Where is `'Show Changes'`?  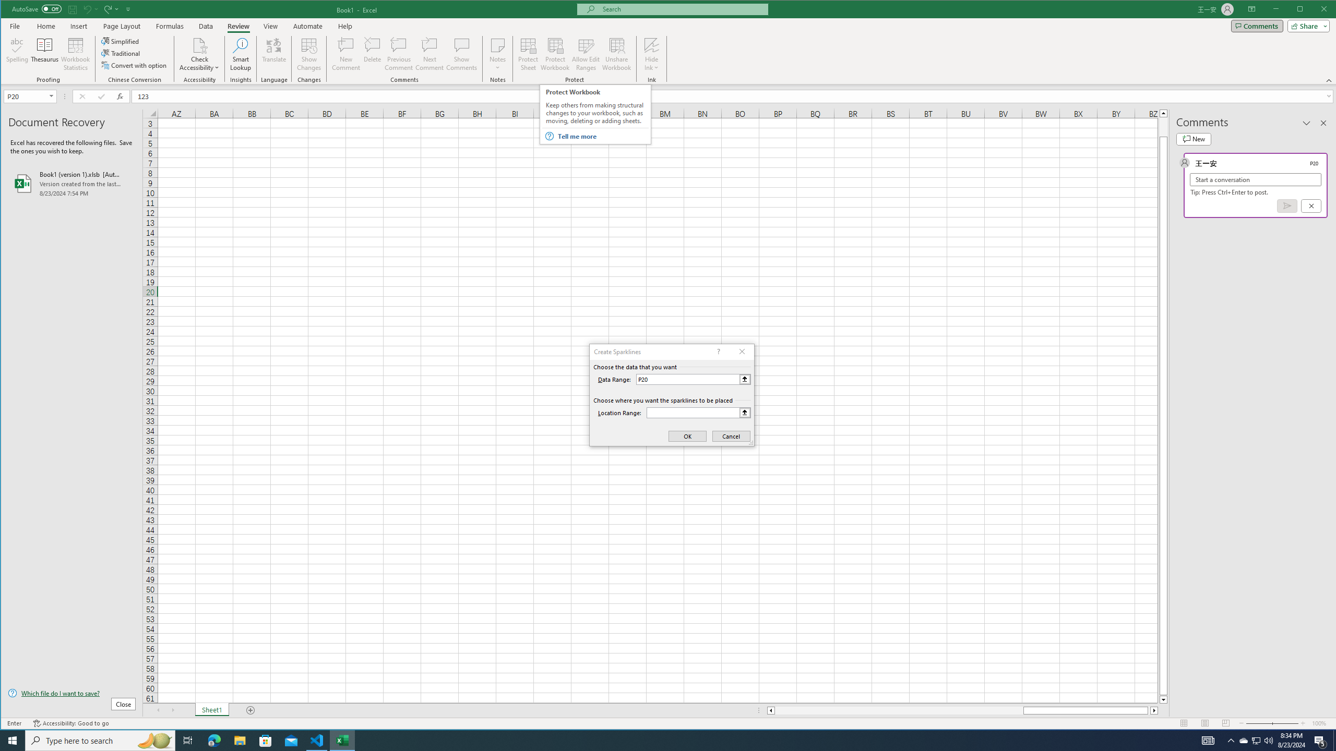 'Show Changes' is located at coordinates (308, 54).